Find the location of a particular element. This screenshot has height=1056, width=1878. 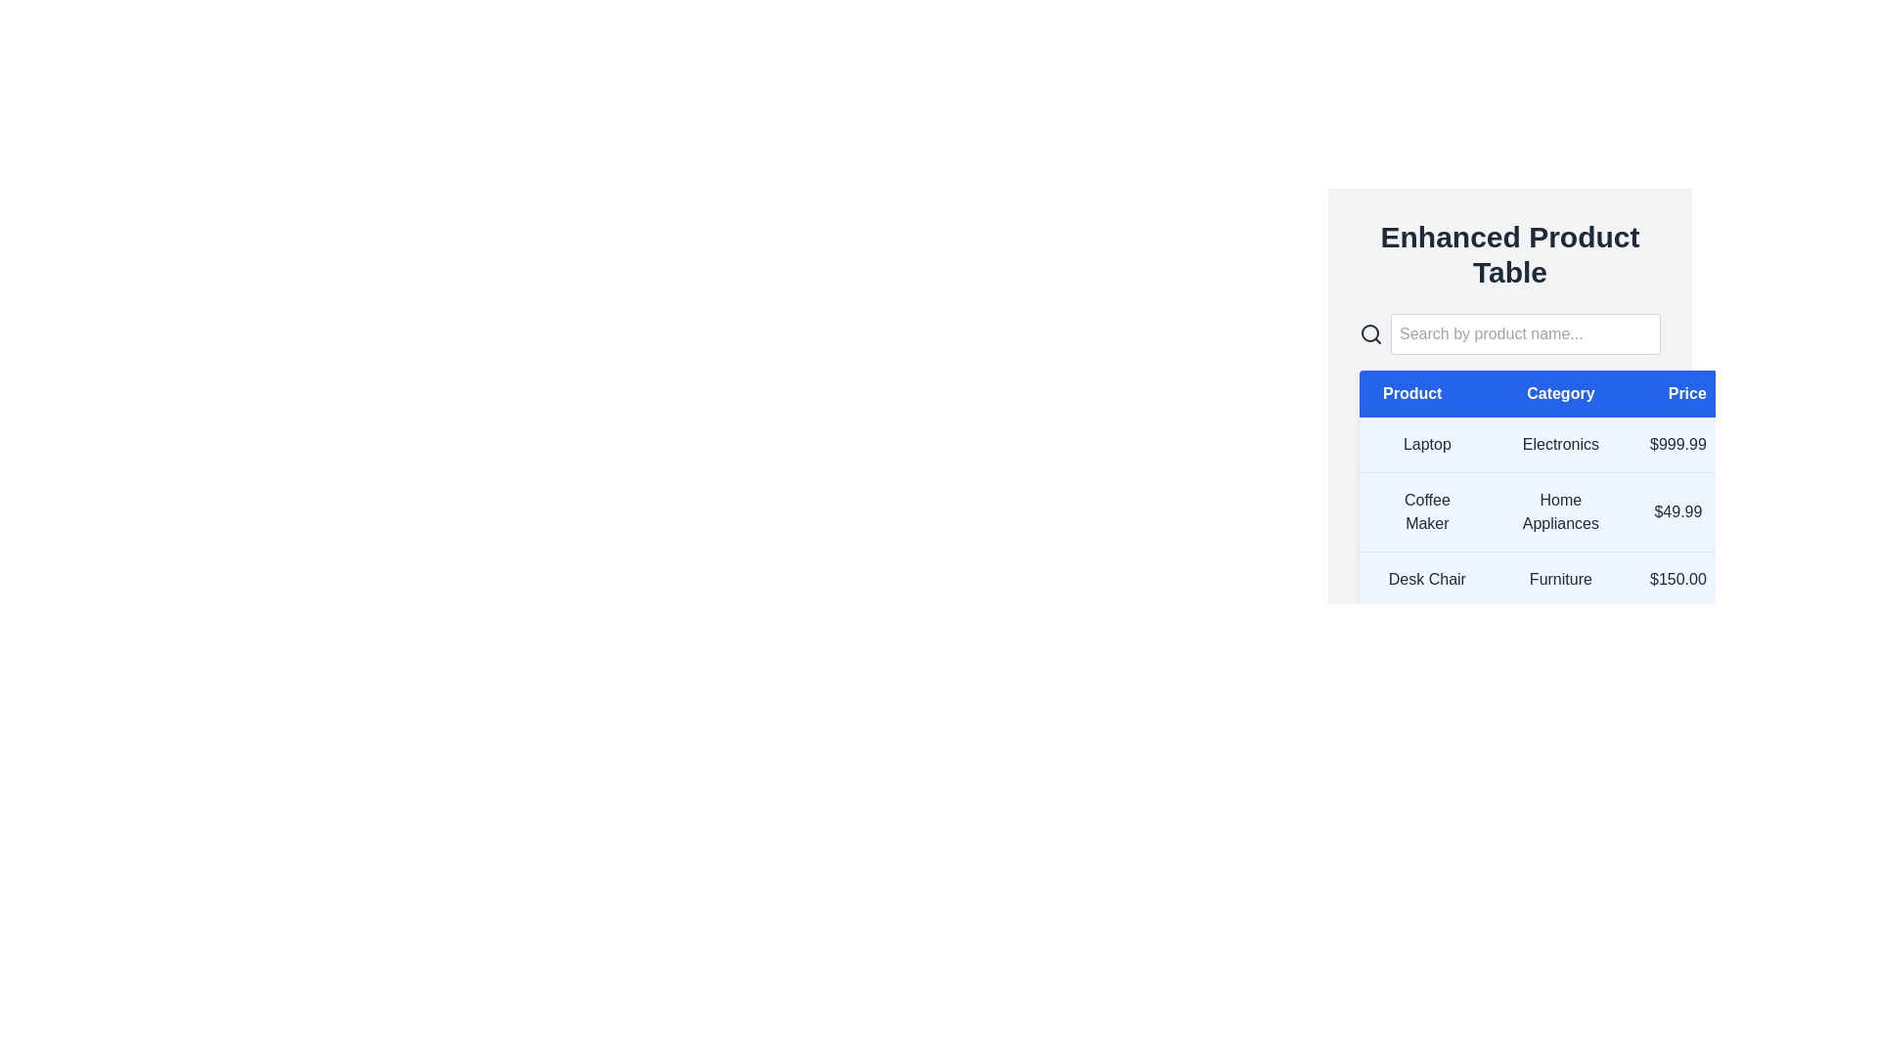

the static text label displaying 'Furniture' located in the 'Category' column of the table, positioned between 'Desk Chair' and '$150.00' is located at coordinates (1559, 579).